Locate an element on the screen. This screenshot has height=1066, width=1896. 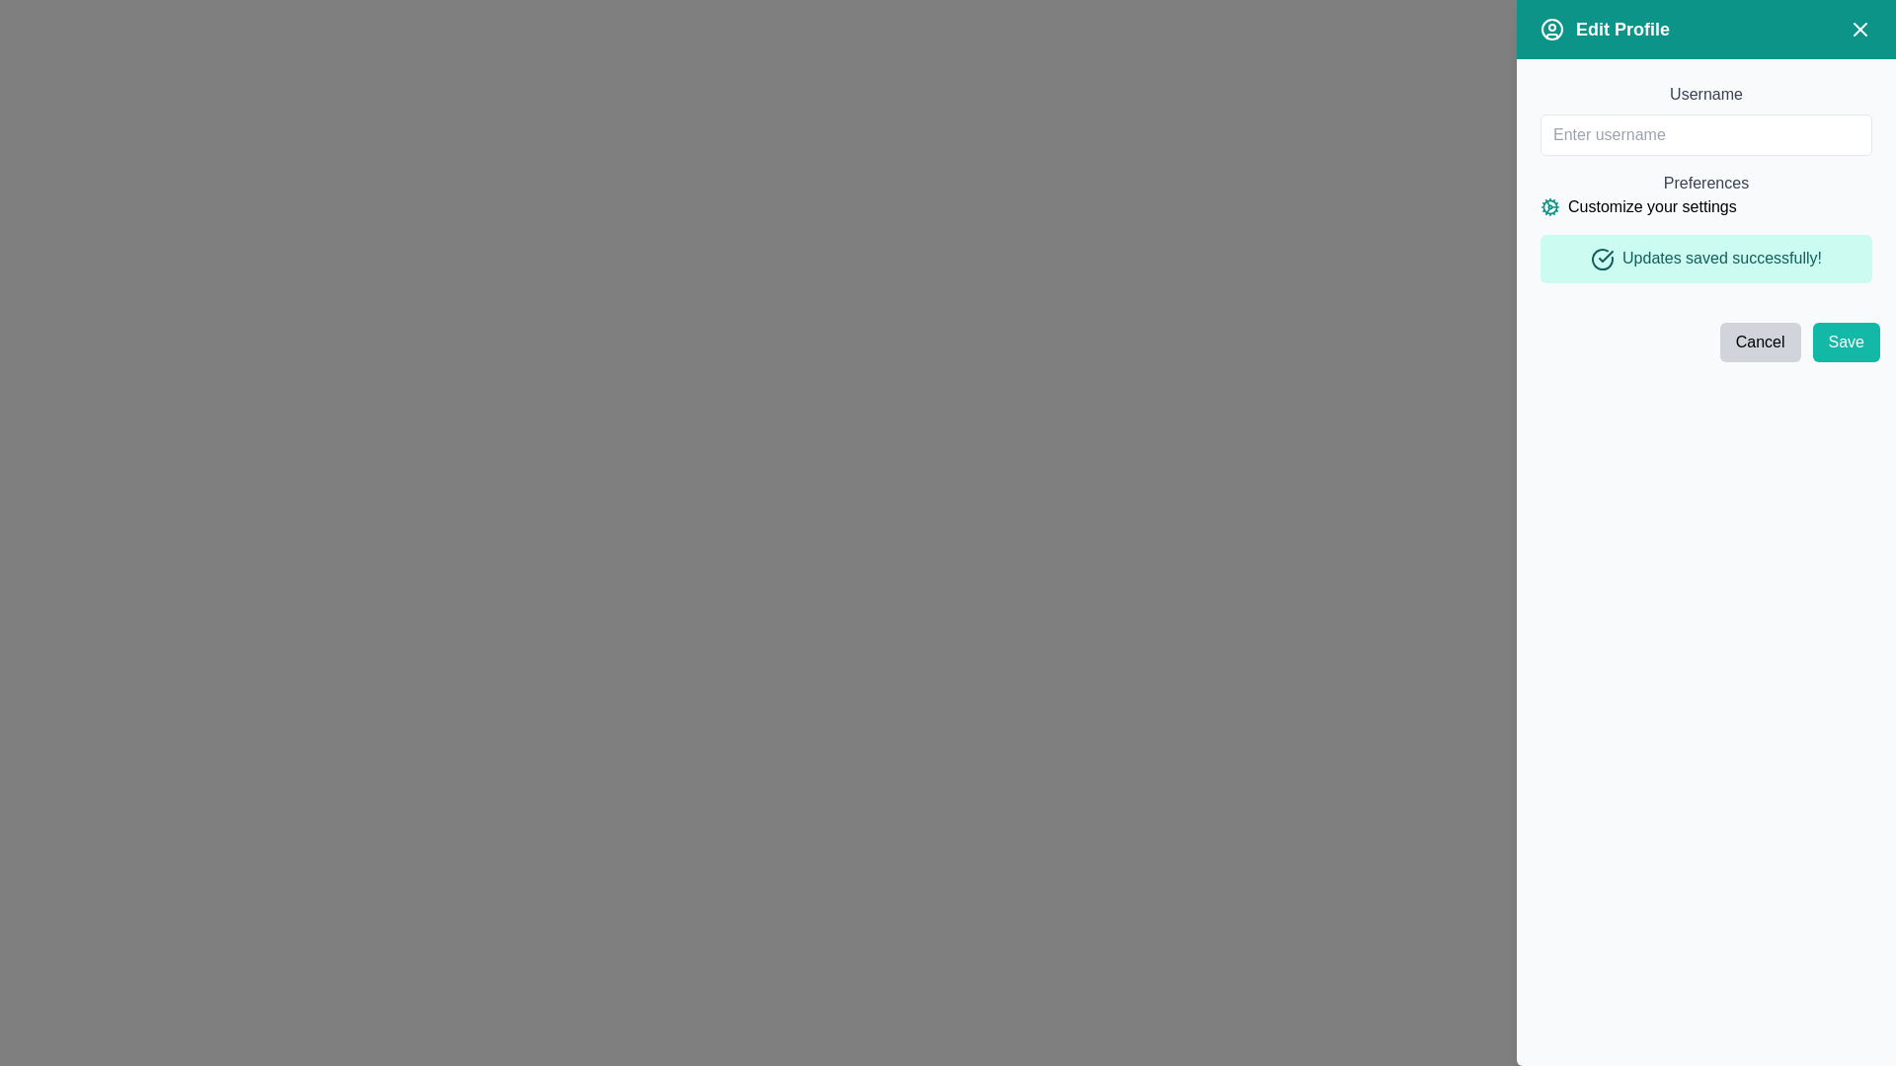
the Text with an icon element that serves as a label or heading within the 'Edit Profile' dialog box, located below the 'Username' section and above the status message 'Updates saved successfully!' is located at coordinates (1705, 194).